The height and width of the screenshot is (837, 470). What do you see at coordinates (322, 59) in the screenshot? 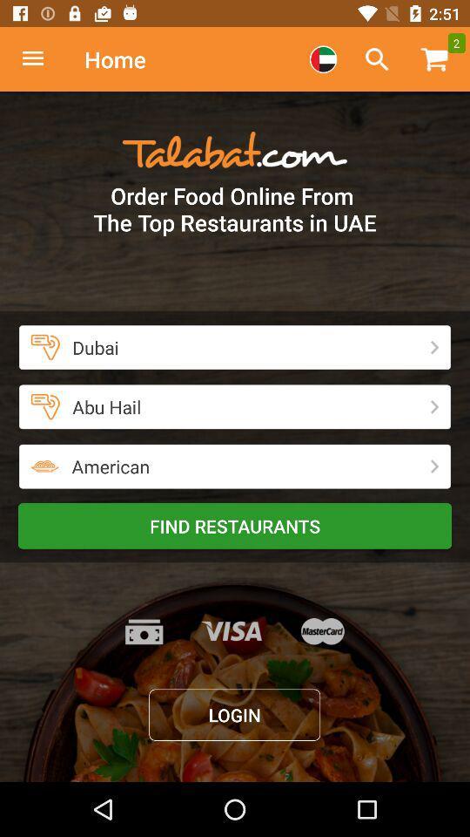
I see `change country` at bounding box center [322, 59].